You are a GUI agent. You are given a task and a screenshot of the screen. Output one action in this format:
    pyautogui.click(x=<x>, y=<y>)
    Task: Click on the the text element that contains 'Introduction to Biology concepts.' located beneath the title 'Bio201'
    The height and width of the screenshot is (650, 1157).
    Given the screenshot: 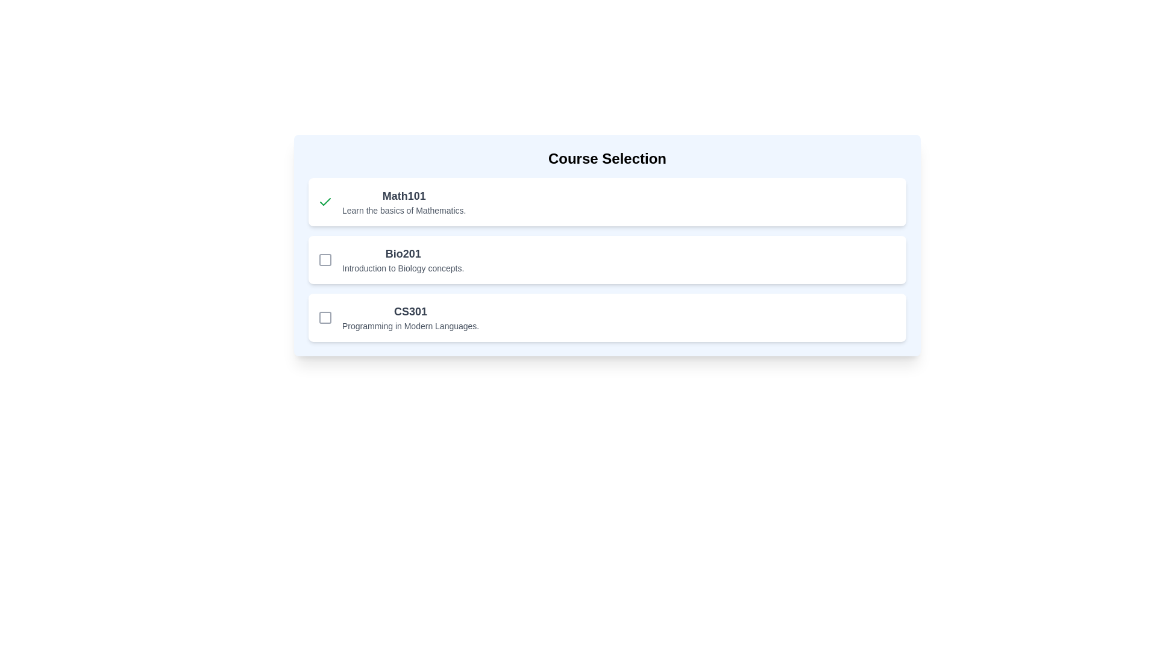 What is the action you would take?
    pyautogui.click(x=403, y=268)
    